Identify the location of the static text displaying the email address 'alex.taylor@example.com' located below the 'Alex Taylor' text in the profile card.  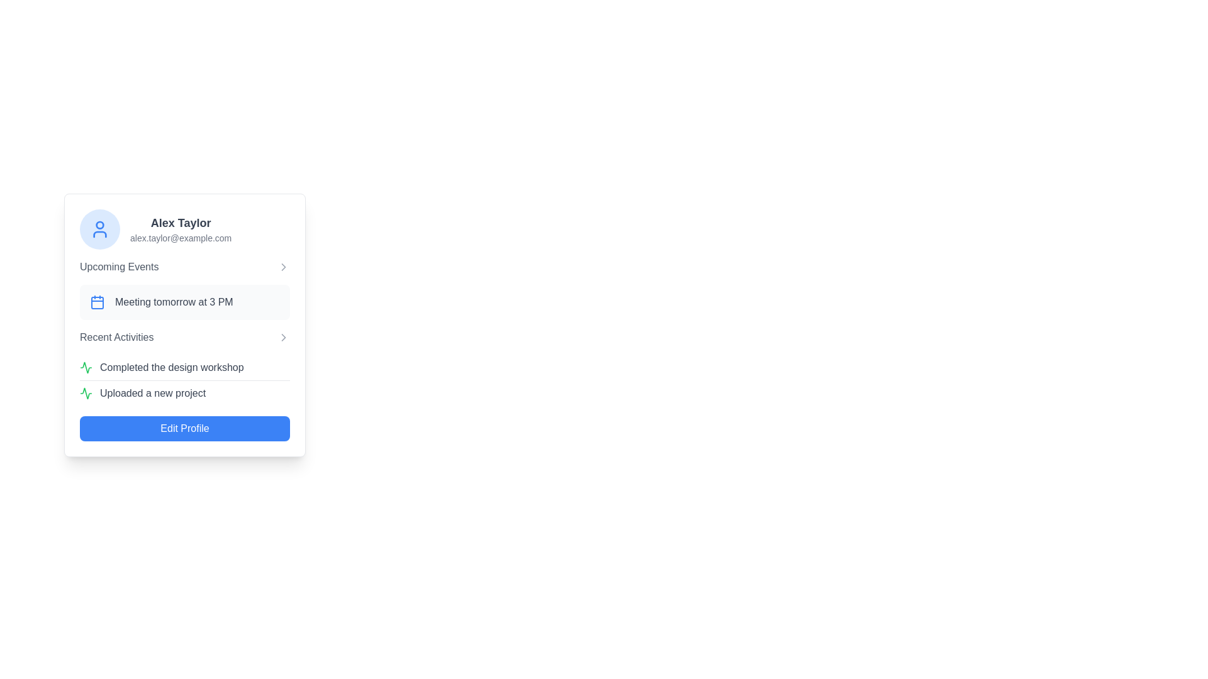
(180, 238).